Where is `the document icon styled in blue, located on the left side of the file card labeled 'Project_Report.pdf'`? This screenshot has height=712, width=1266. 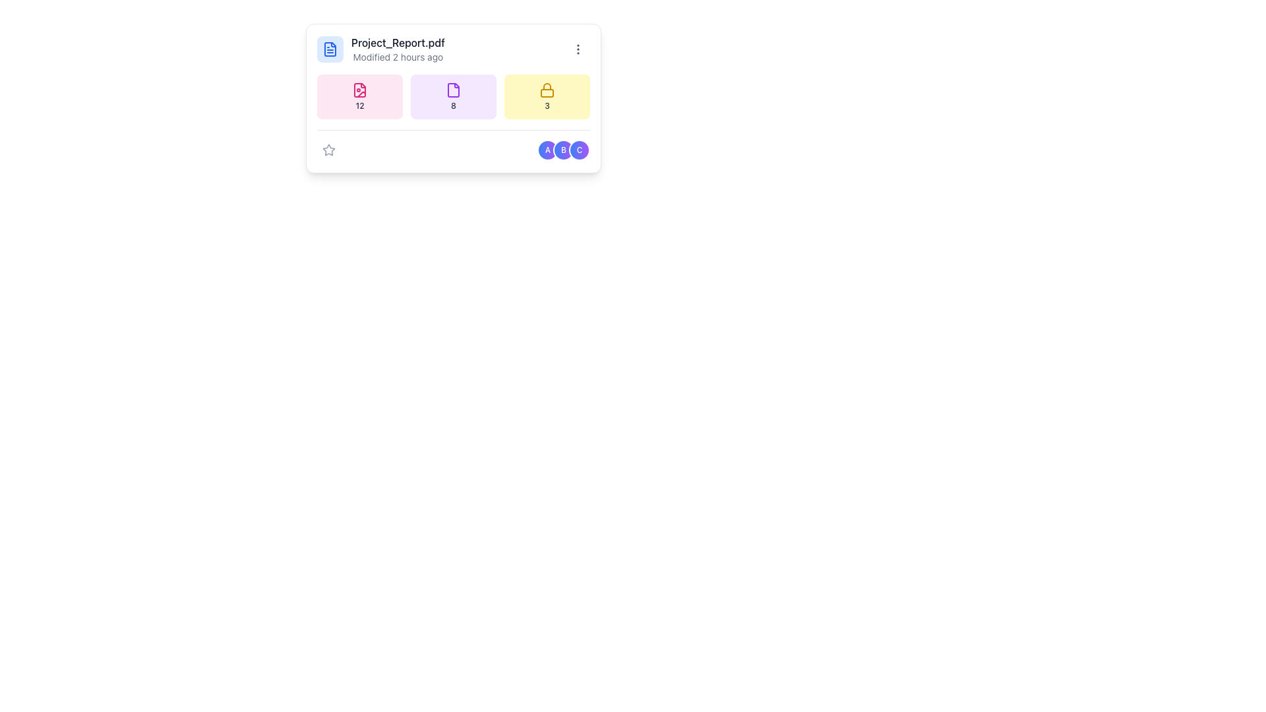
the document icon styled in blue, located on the left side of the file card labeled 'Project_Report.pdf' is located at coordinates (330, 48).